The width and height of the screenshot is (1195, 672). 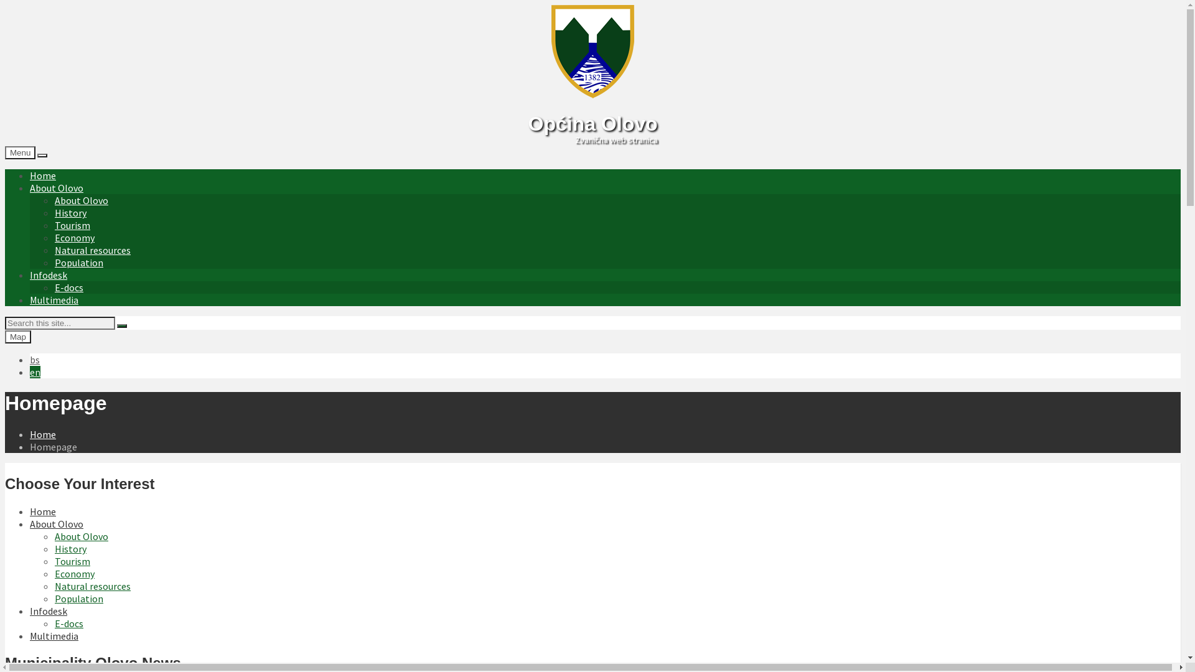 I want to click on 'E-docs', so click(x=68, y=623).